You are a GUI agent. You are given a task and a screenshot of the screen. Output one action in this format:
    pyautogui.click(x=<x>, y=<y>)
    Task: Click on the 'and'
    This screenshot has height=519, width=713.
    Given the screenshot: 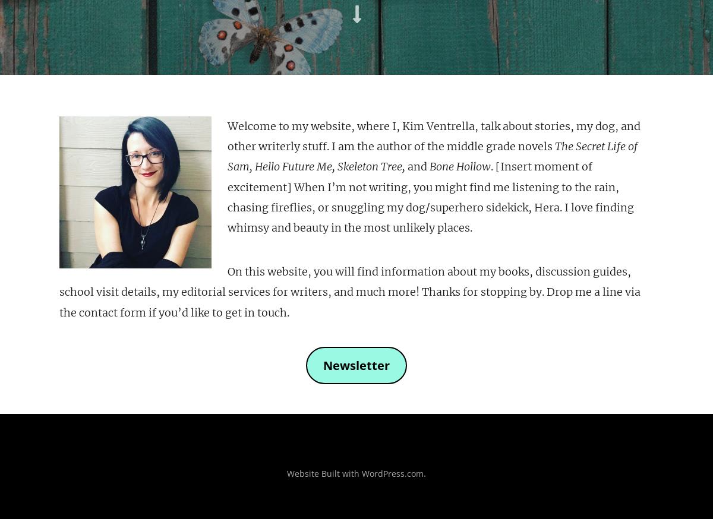 What is the action you would take?
    pyautogui.click(x=405, y=166)
    